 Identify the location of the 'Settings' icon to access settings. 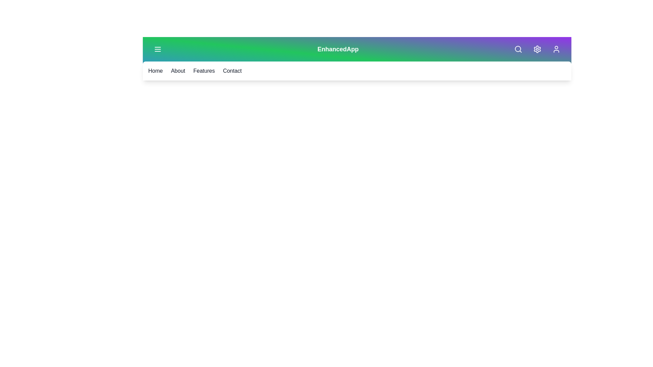
(537, 49).